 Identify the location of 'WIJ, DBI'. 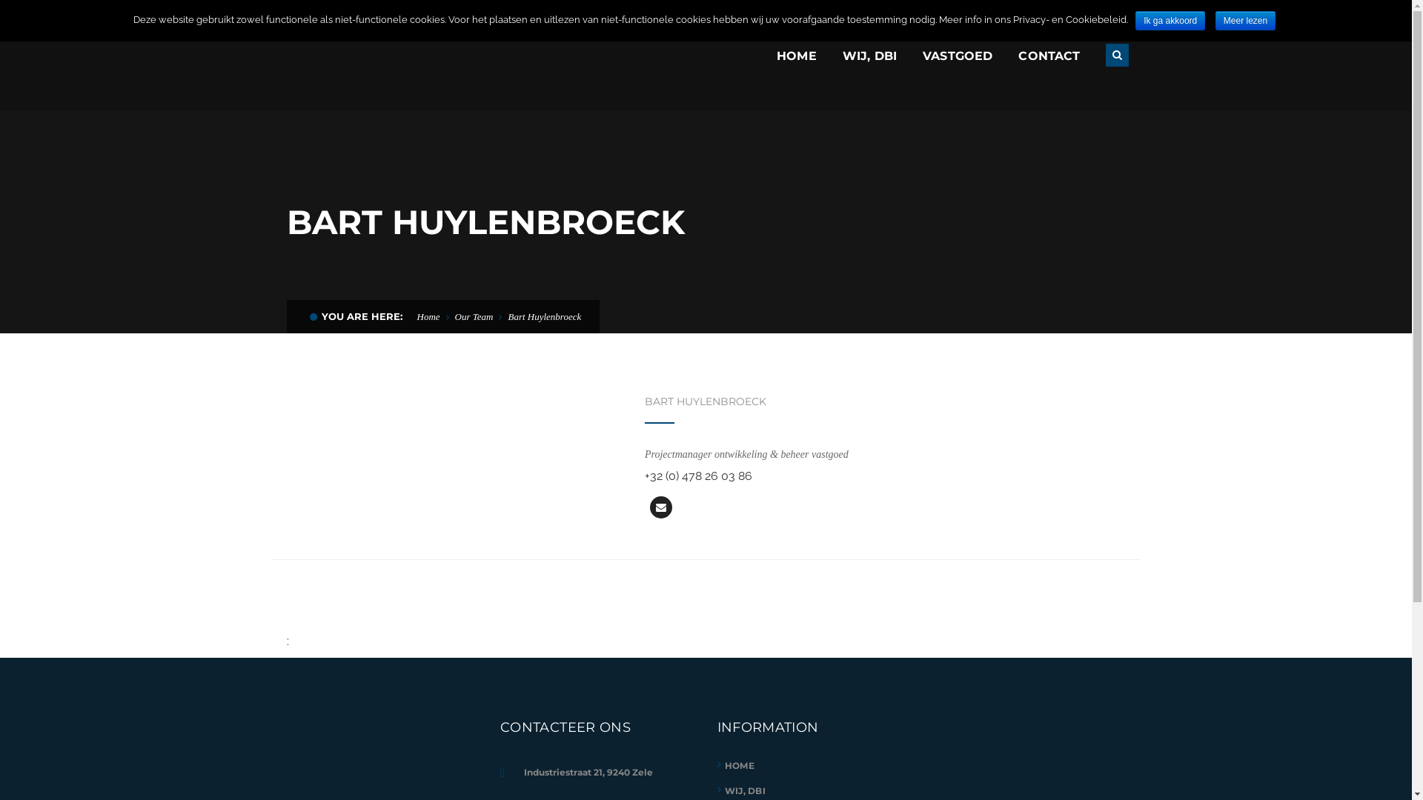
(843, 55).